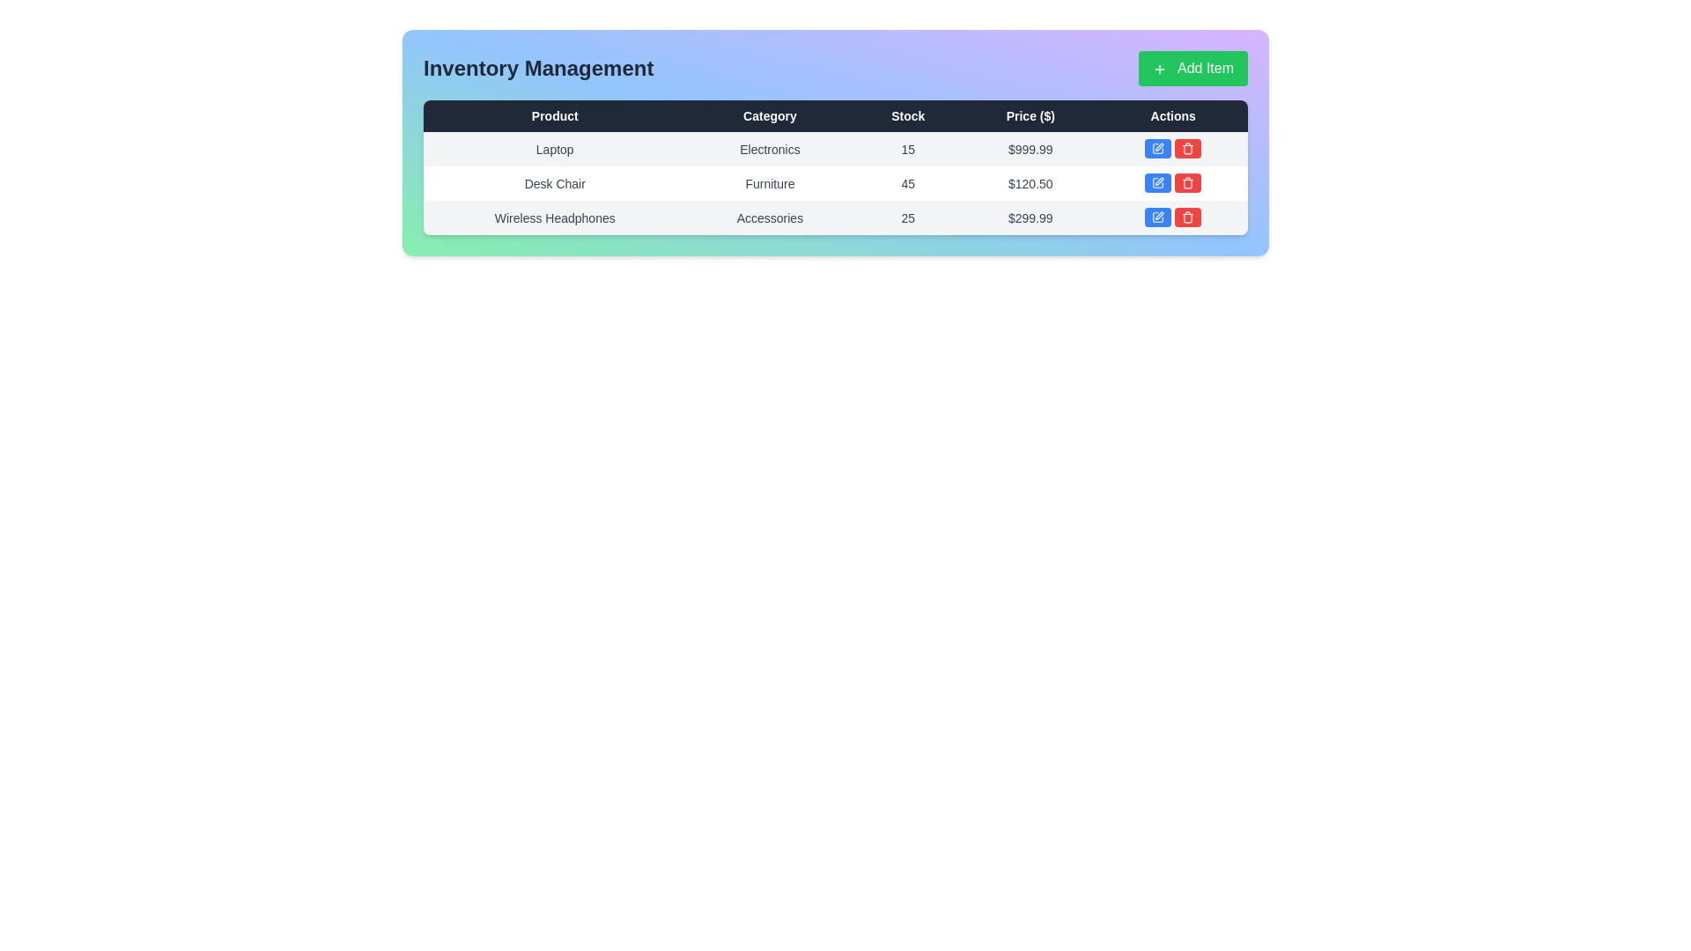 The image size is (1691, 951). Describe the element at coordinates (1158, 148) in the screenshot. I see `the small blue square edit button with a white pen icon located in the Actions column of the first row of the Inventory Management table` at that location.